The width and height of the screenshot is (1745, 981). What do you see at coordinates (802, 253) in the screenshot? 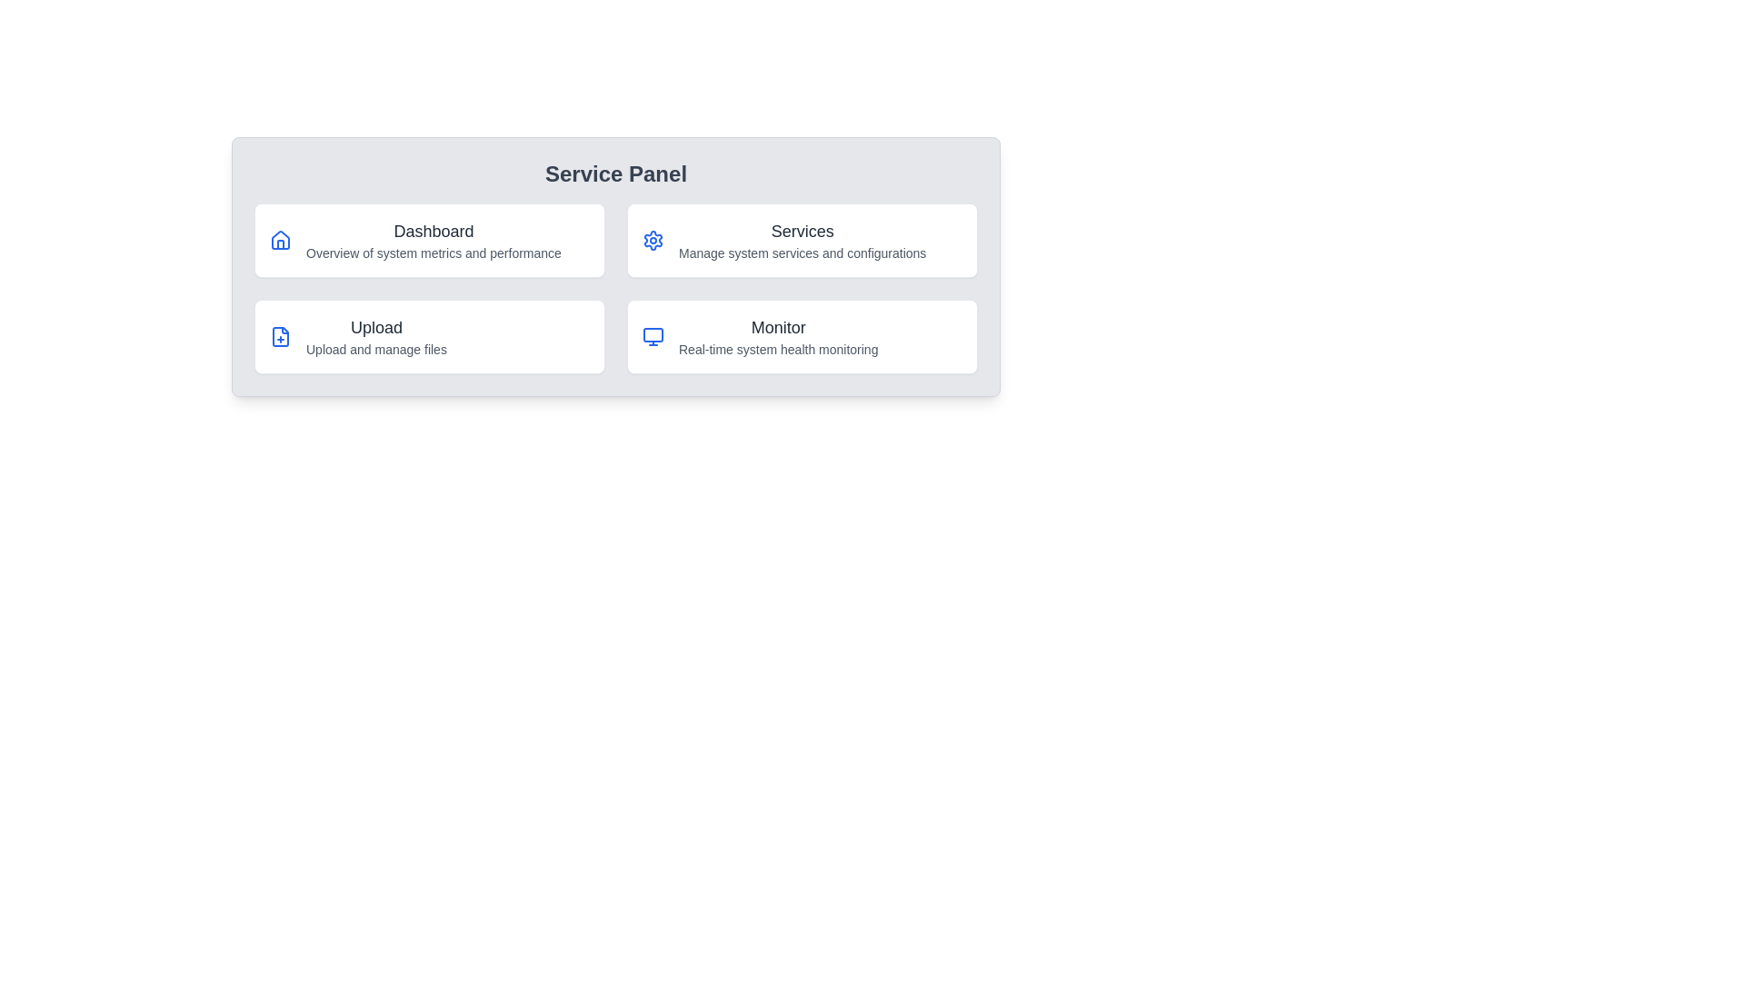
I see `the text label reading 'Manage system services and configurations.' located below the 'Services' title in the second card of the Service Panel` at bounding box center [802, 253].